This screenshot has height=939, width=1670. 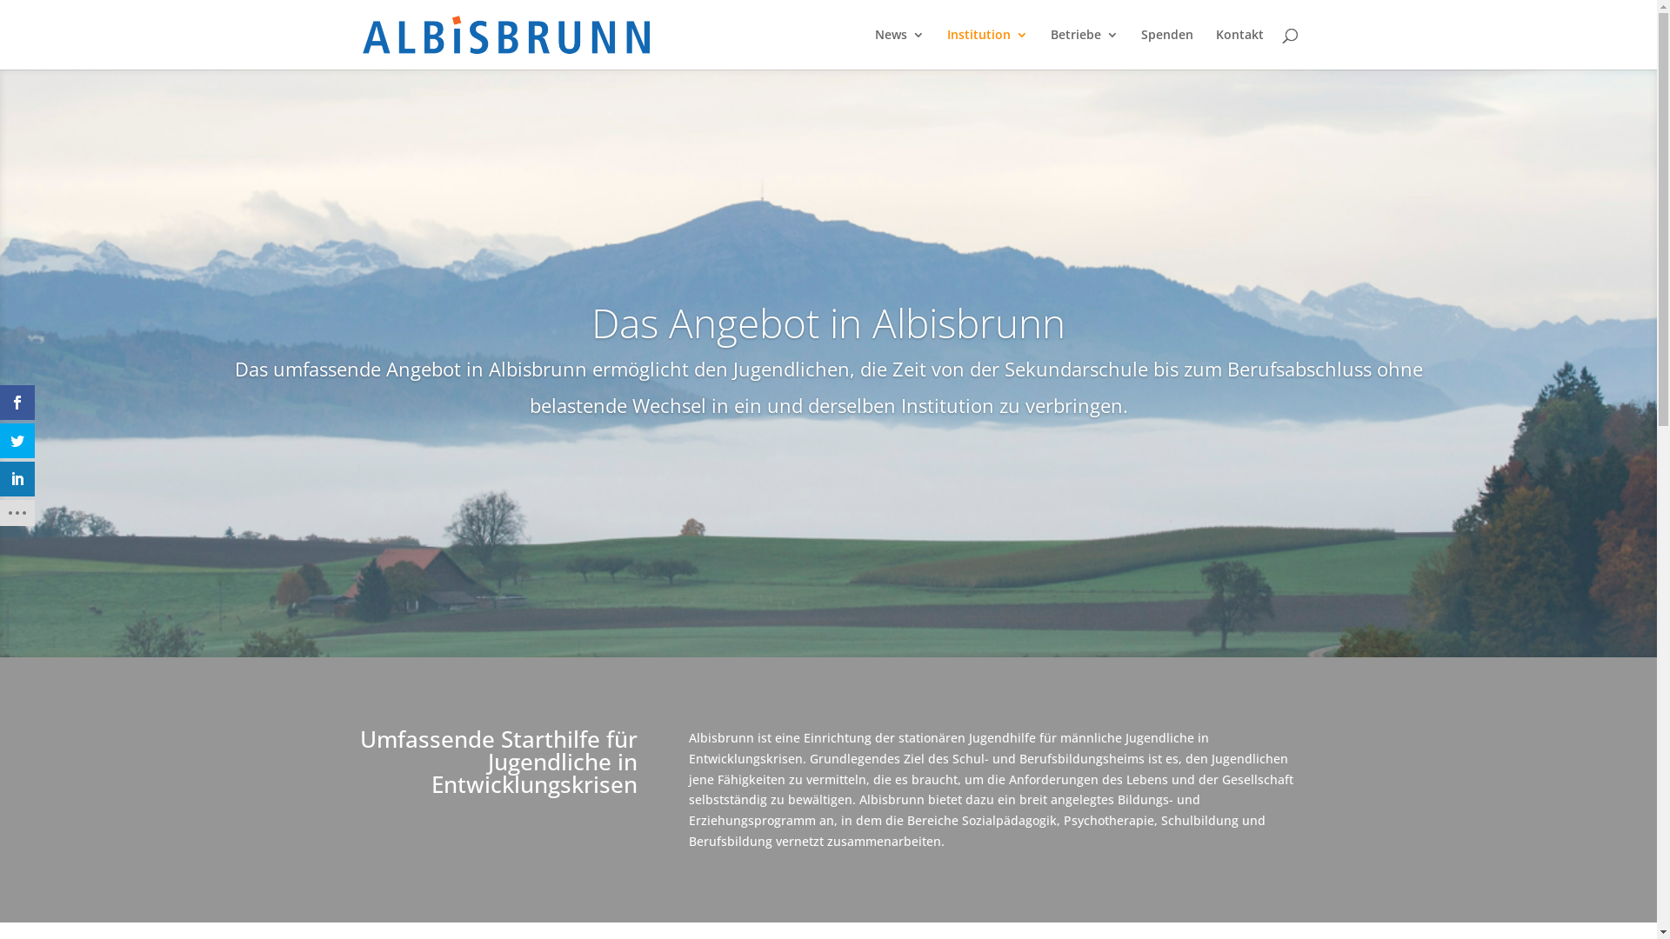 What do you see at coordinates (899, 48) in the screenshot?
I see `'News'` at bounding box center [899, 48].